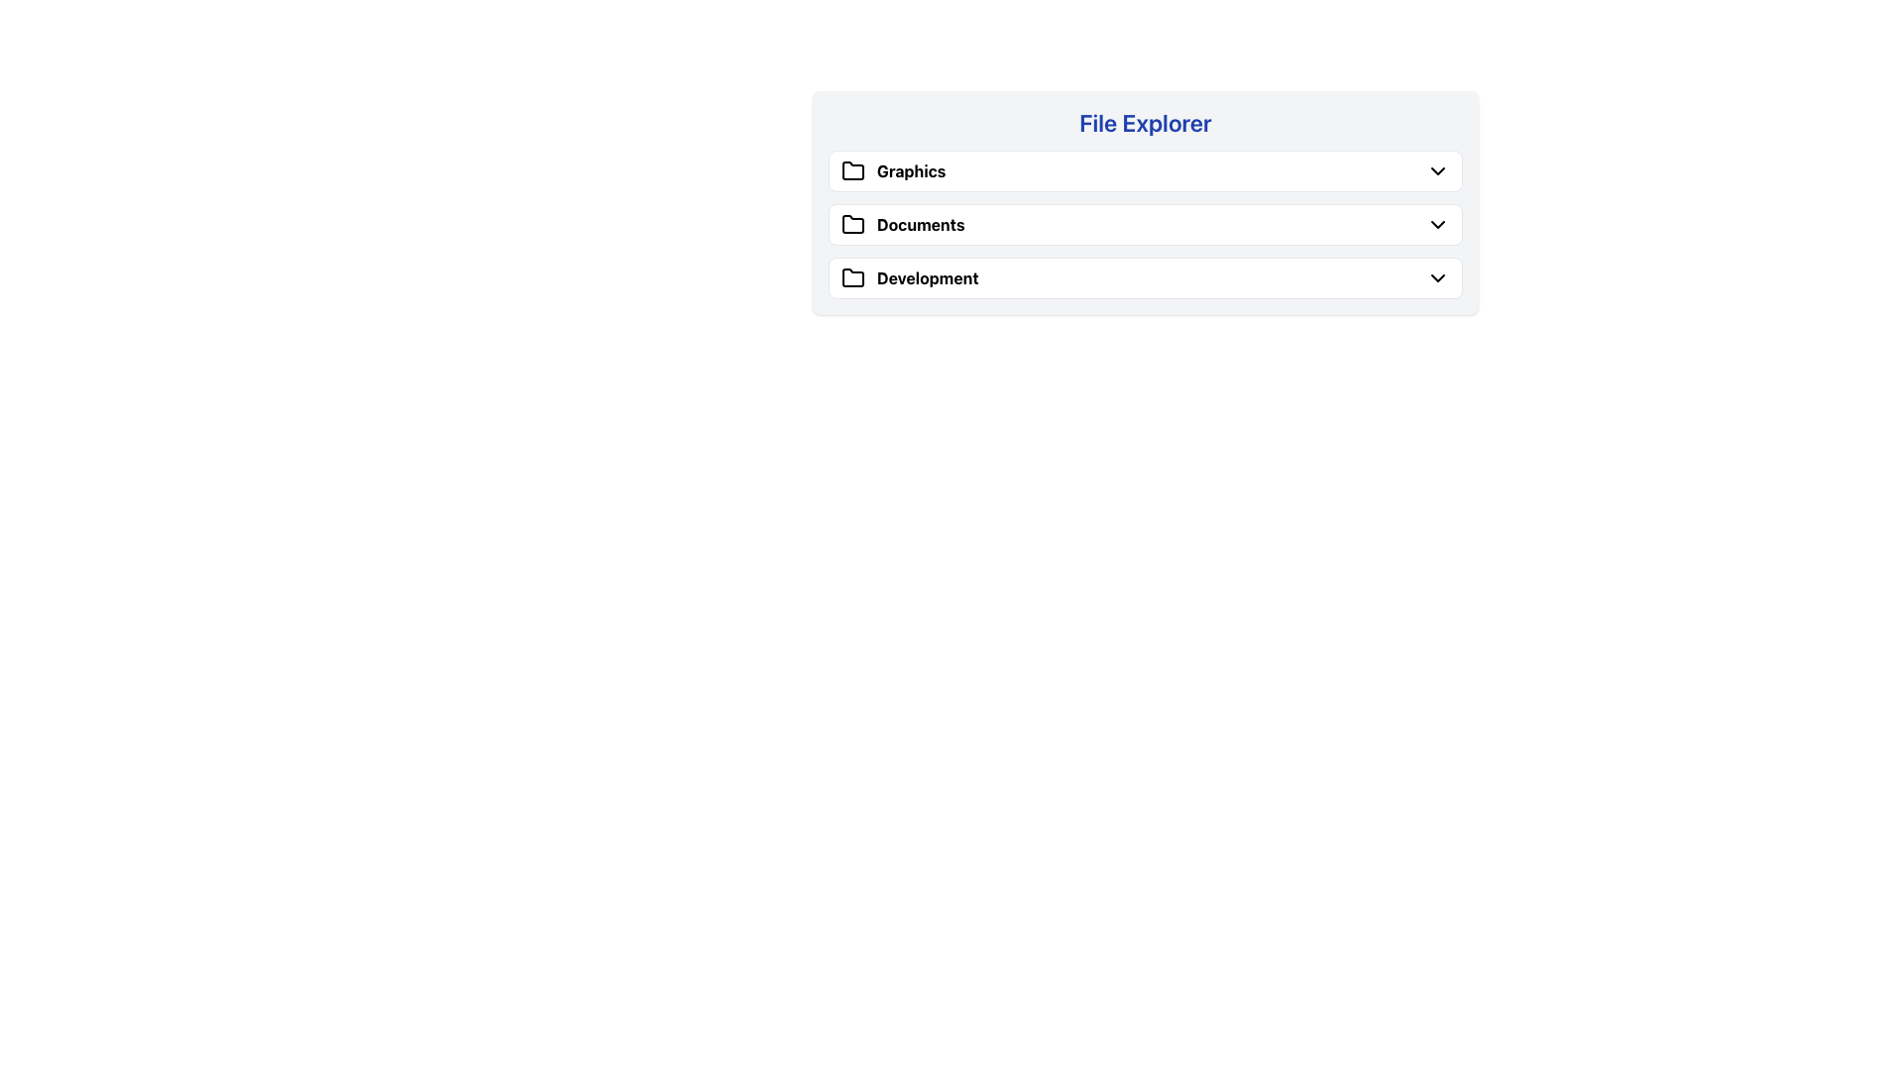 Image resolution: width=1903 pixels, height=1070 pixels. What do you see at coordinates (852, 277) in the screenshot?
I see `the folder icon representing the 'Development' label` at bounding box center [852, 277].